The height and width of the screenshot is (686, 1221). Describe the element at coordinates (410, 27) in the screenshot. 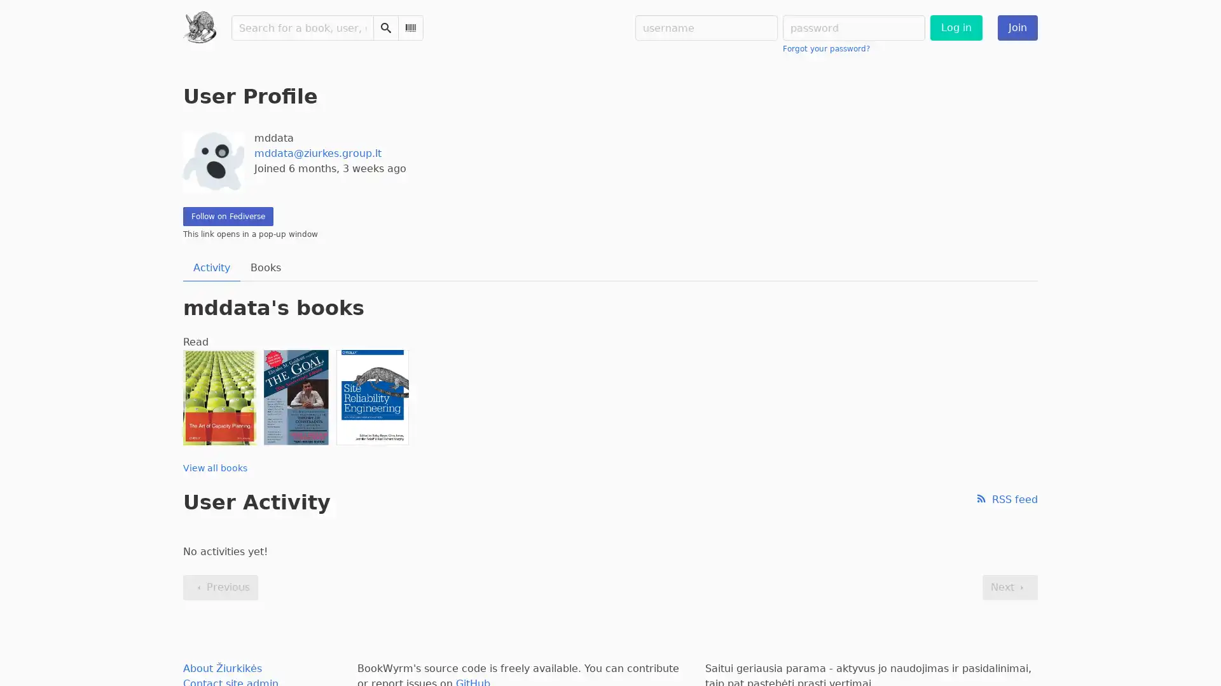

I see `Scan Barcode` at that location.